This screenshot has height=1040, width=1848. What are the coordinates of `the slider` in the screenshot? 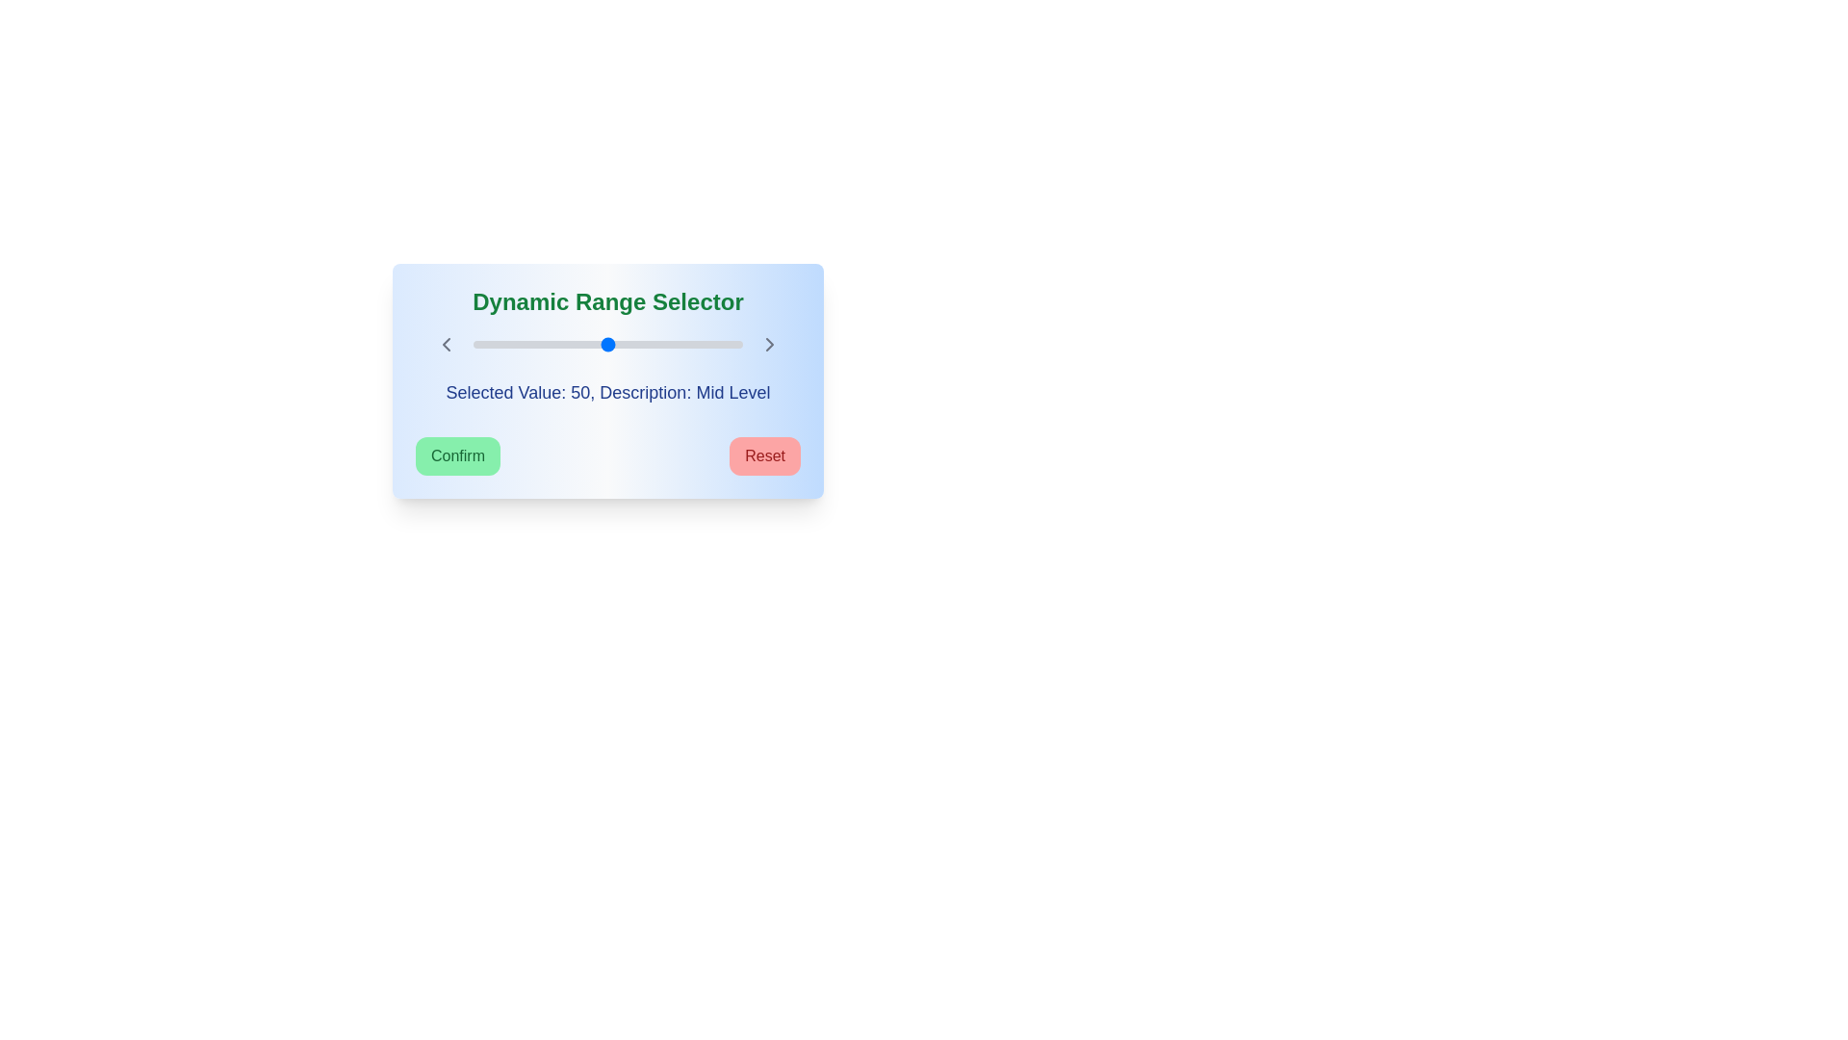 It's located at (673, 344).